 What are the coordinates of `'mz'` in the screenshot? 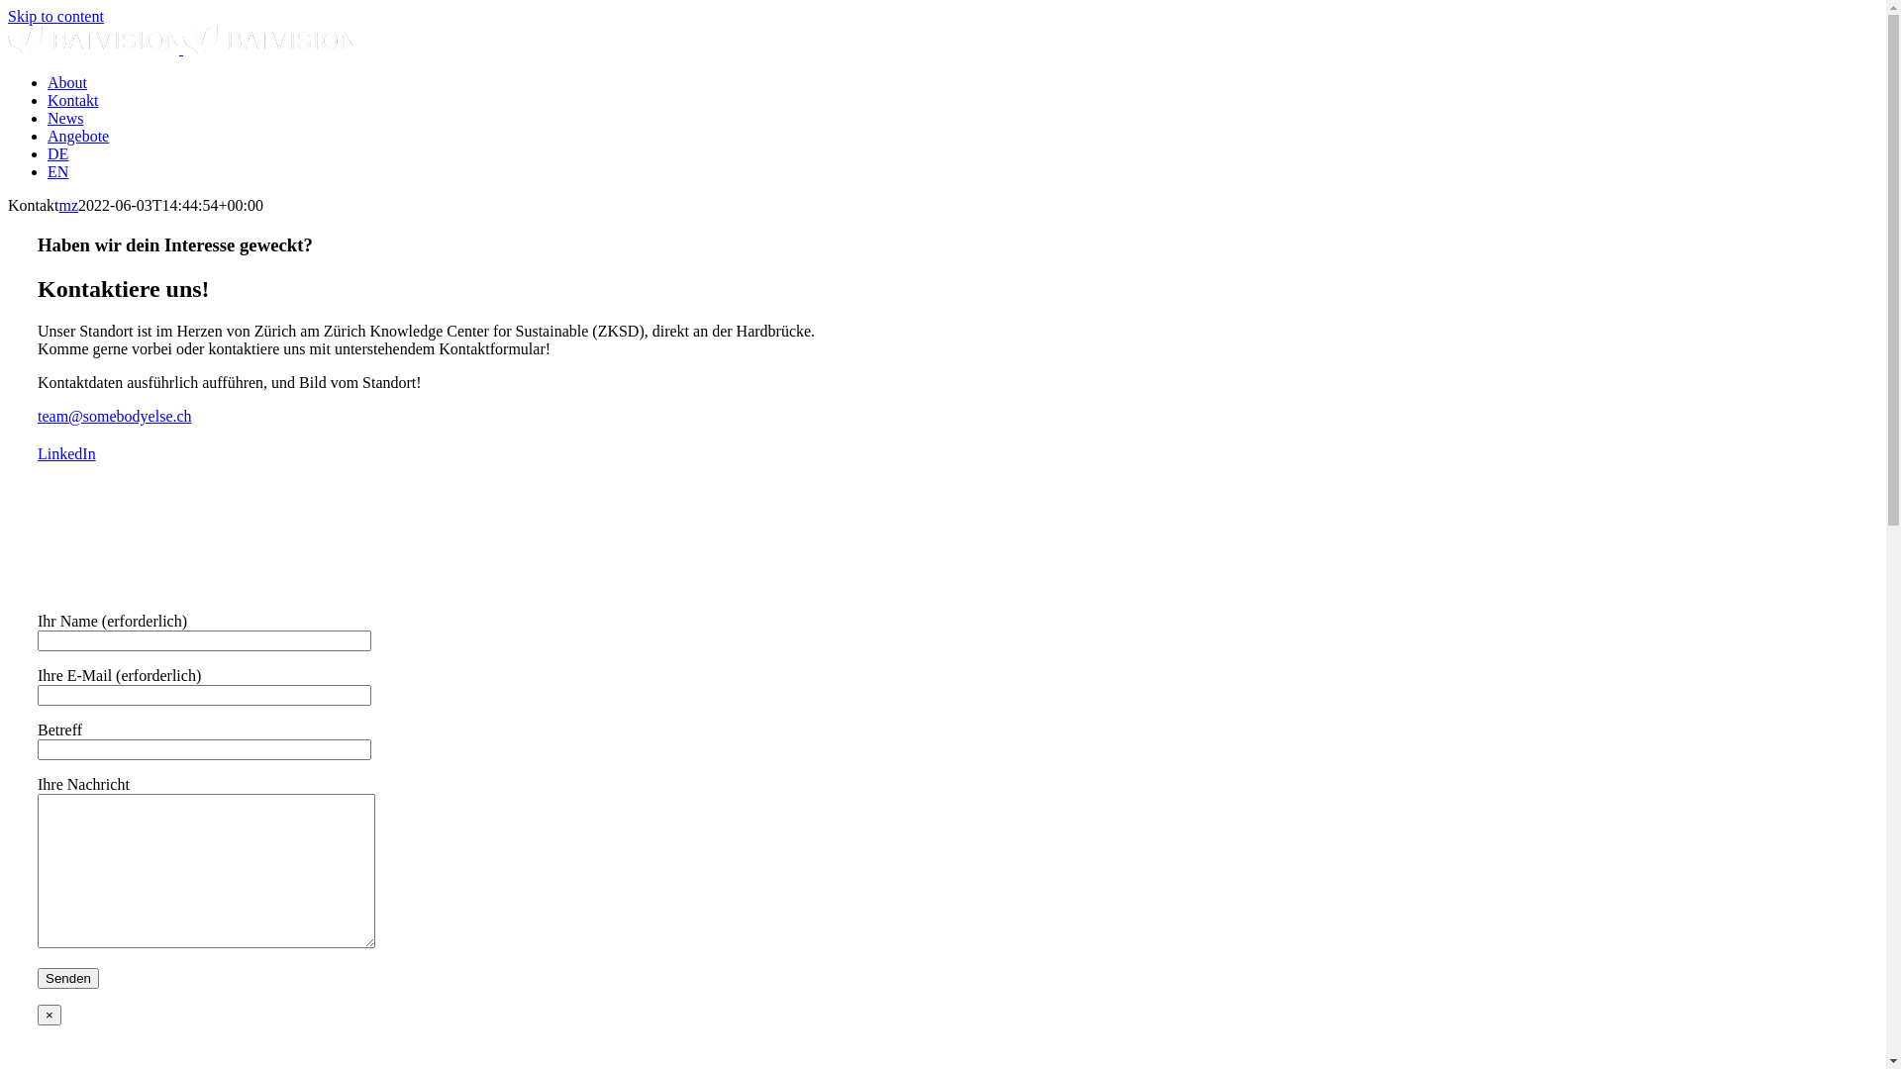 It's located at (58, 205).